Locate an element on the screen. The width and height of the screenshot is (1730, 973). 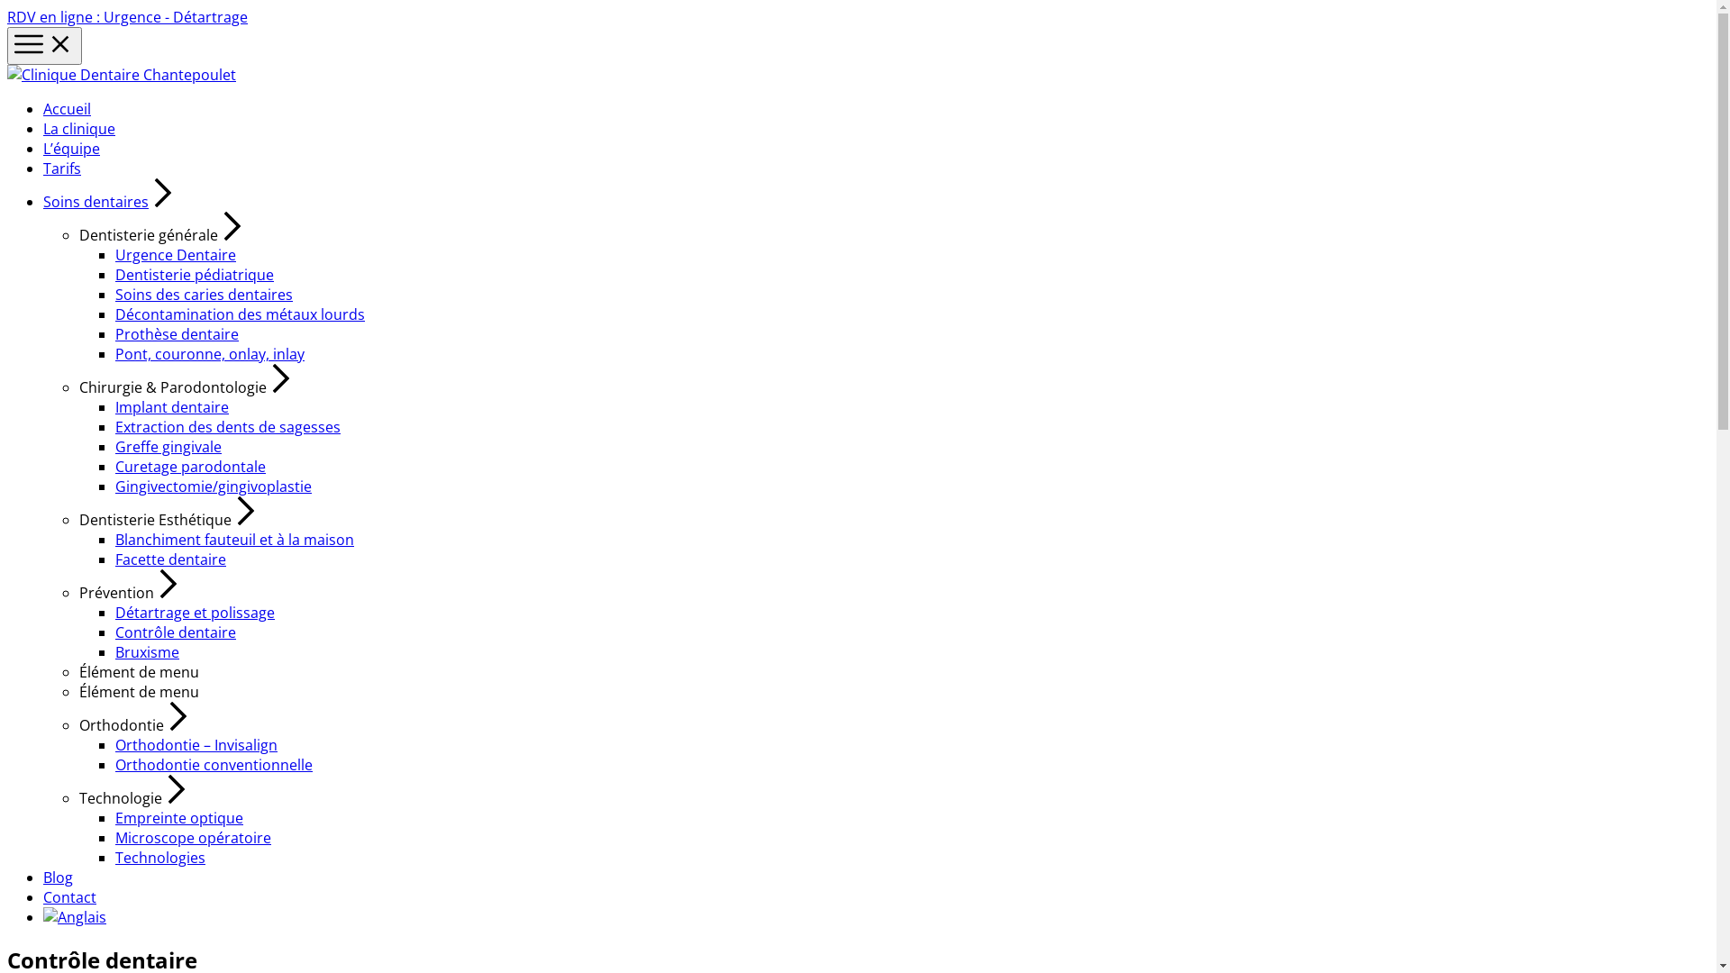
'Blog' is located at coordinates (58, 877).